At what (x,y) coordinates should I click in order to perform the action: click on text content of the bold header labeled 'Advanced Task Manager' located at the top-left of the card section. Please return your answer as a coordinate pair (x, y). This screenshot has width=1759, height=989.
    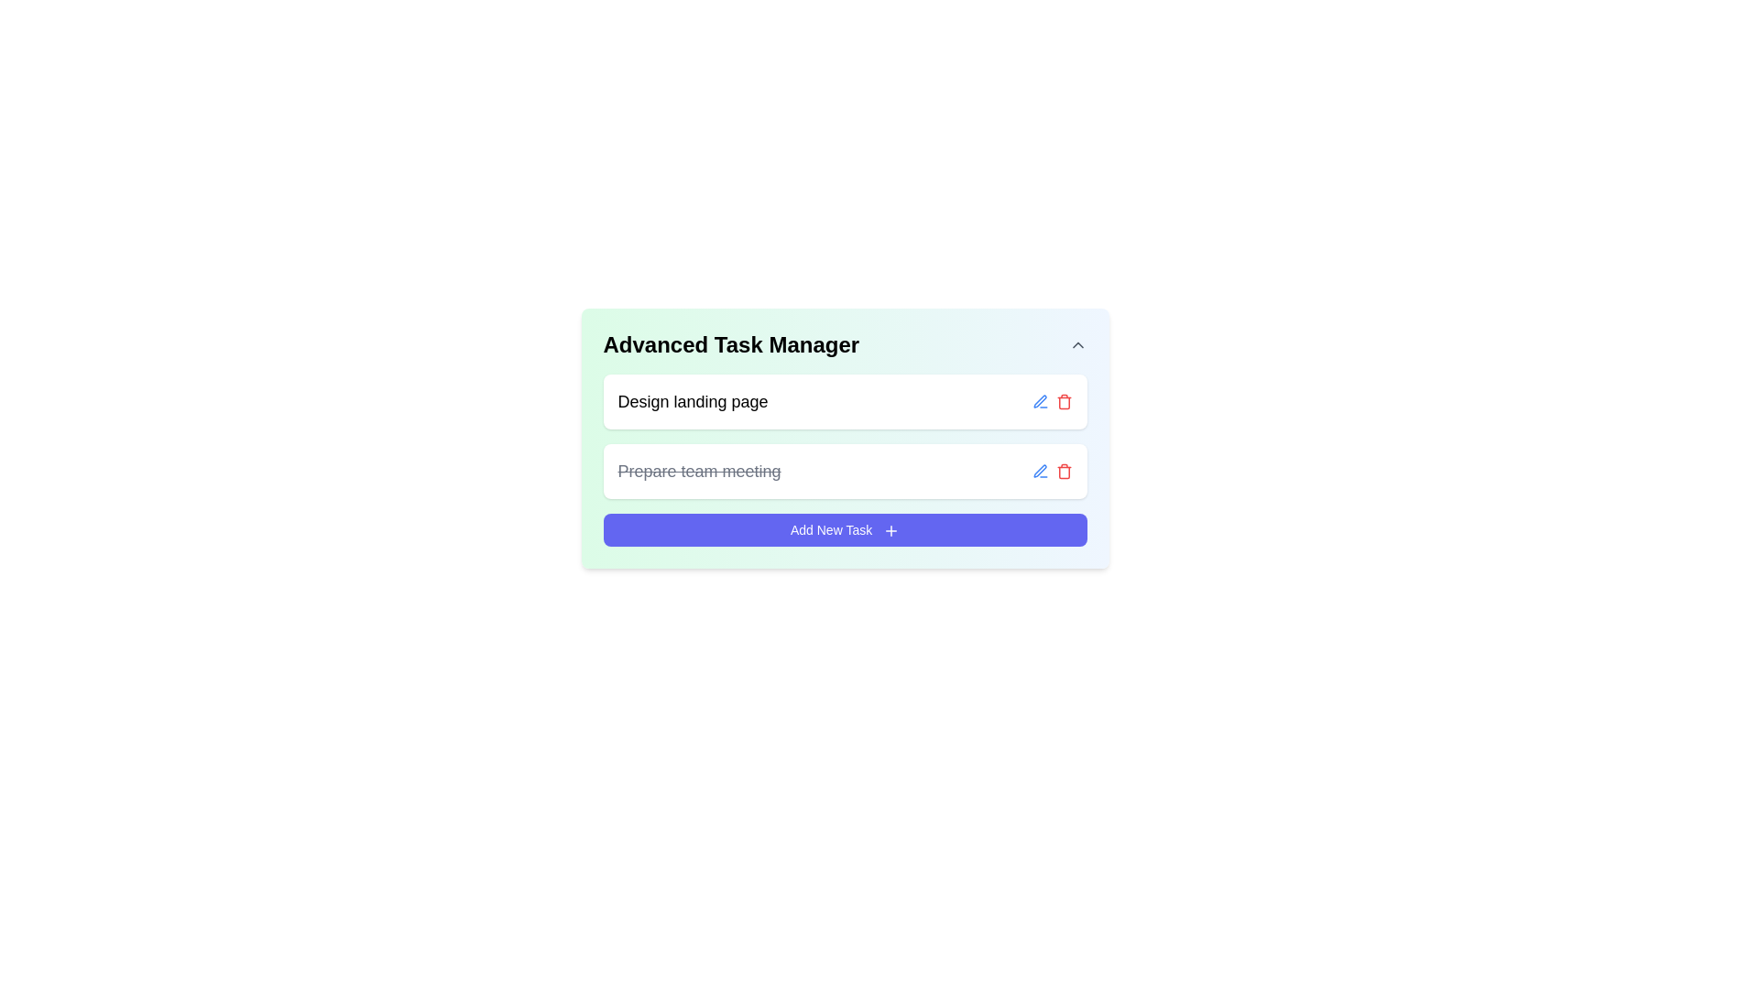
    Looking at the image, I should click on (730, 345).